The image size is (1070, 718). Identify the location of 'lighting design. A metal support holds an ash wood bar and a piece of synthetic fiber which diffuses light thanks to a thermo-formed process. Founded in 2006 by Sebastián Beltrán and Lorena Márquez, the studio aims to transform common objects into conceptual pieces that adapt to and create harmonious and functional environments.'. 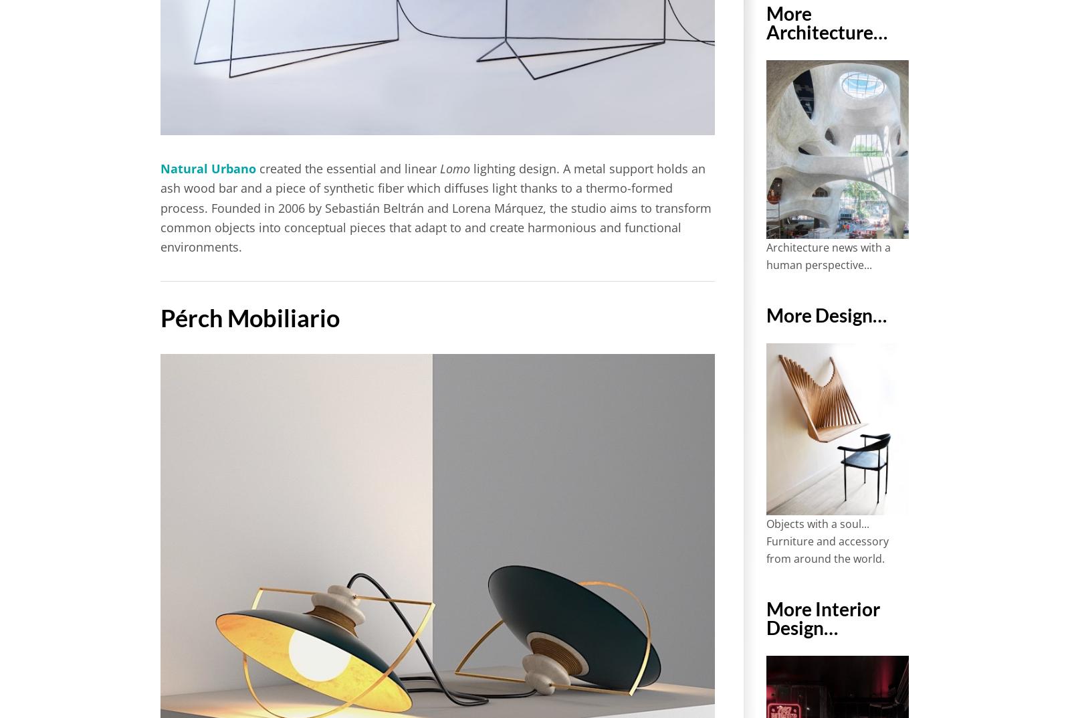
(436, 207).